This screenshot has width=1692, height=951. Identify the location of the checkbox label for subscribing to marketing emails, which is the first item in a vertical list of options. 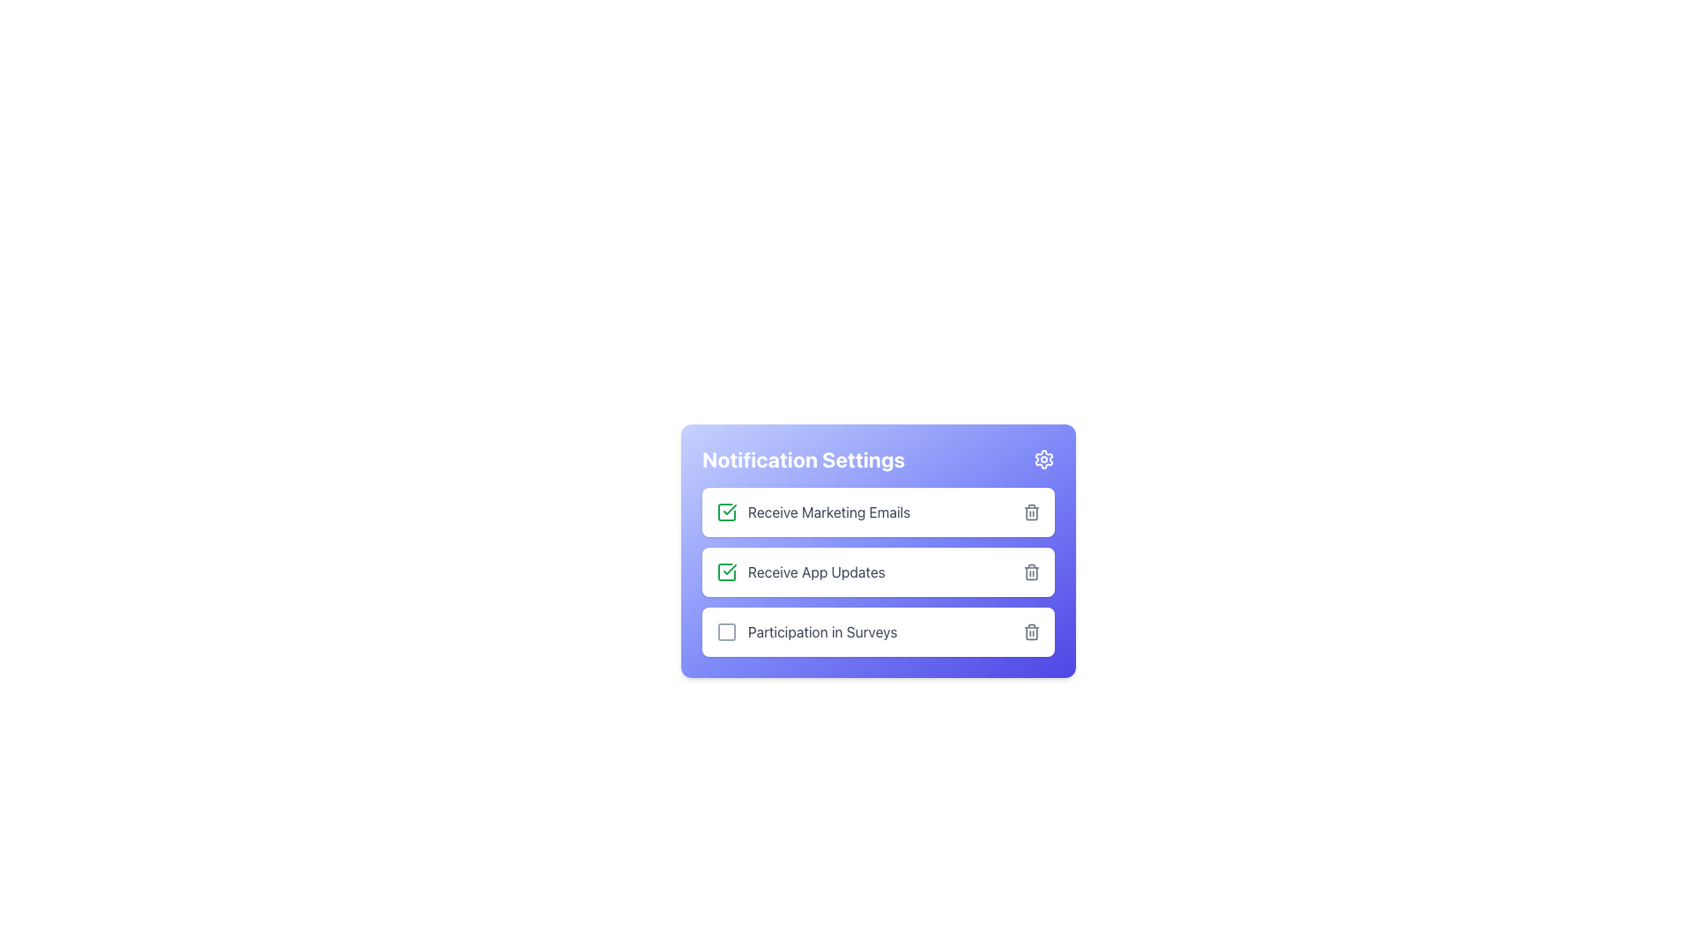
(813, 512).